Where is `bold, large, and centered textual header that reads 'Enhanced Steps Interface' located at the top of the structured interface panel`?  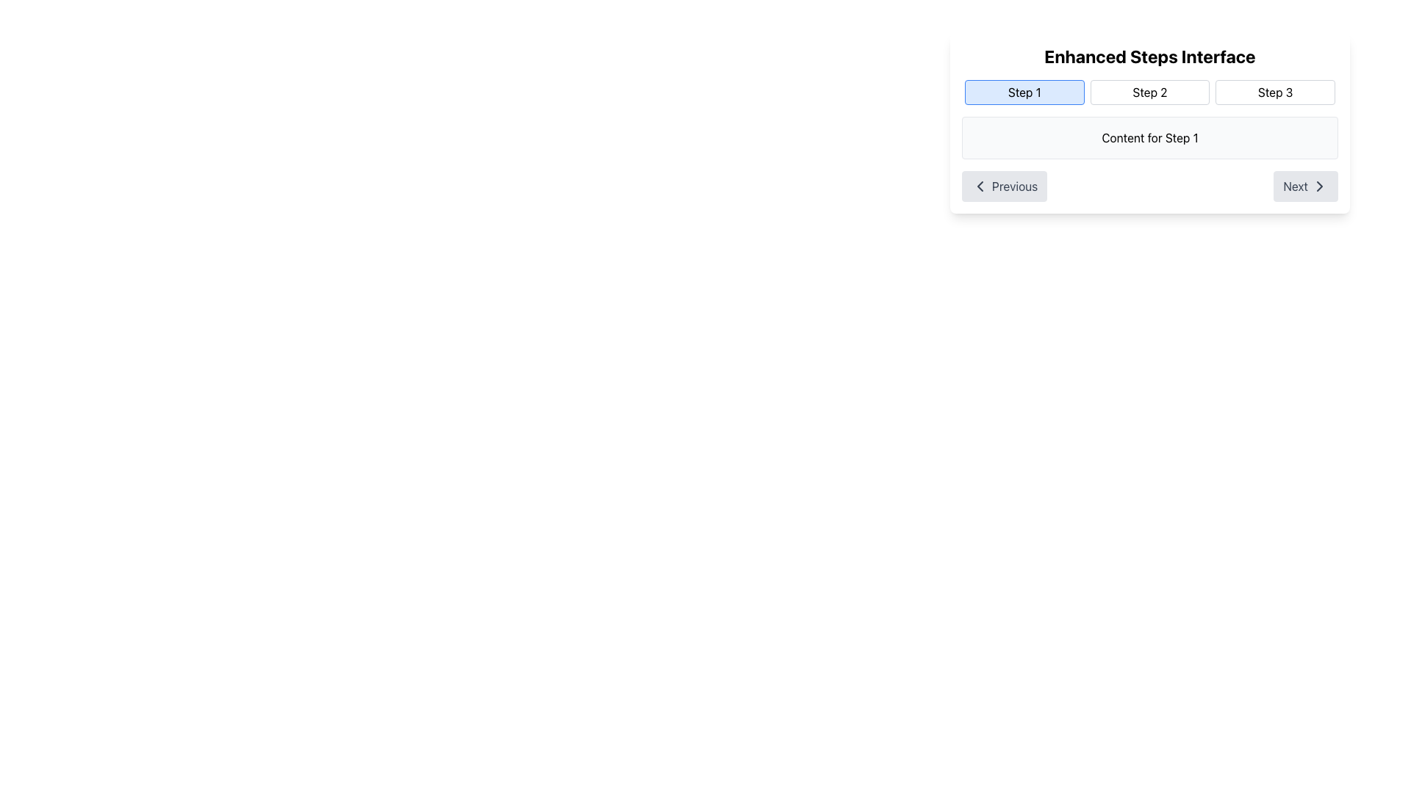 bold, large, and centered textual header that reads 'Enhanced Steps Interface' located at the top of the structured interface panel is located at coordinates (1149, 56).